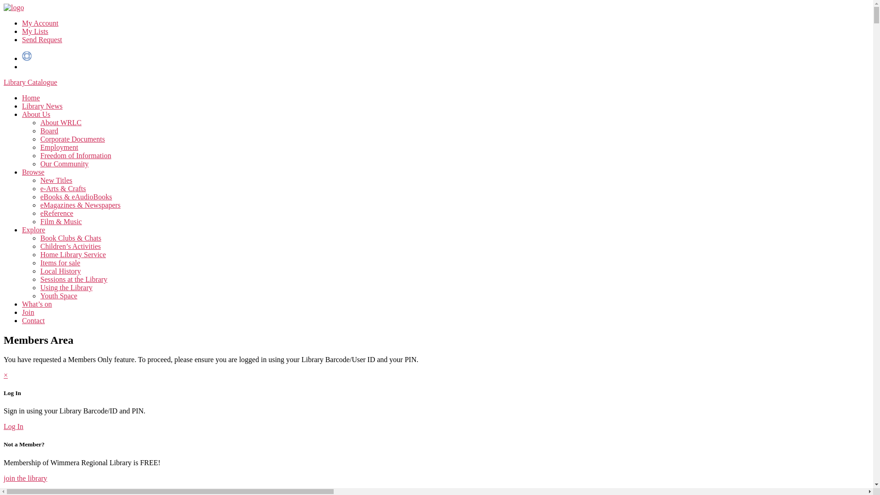 This screenshot has width=880, height=495. What do you see at coordinates (76, 196) in the screenshot?
I see `'eBooks & eAudioBooks'` at bounding box center [76, 196].